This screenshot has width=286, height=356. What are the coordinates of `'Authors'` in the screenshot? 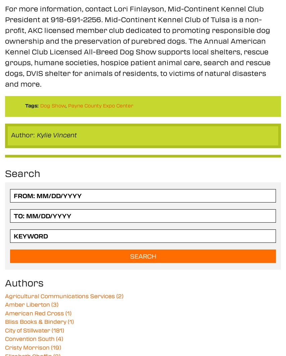 It's located at (5, 282).